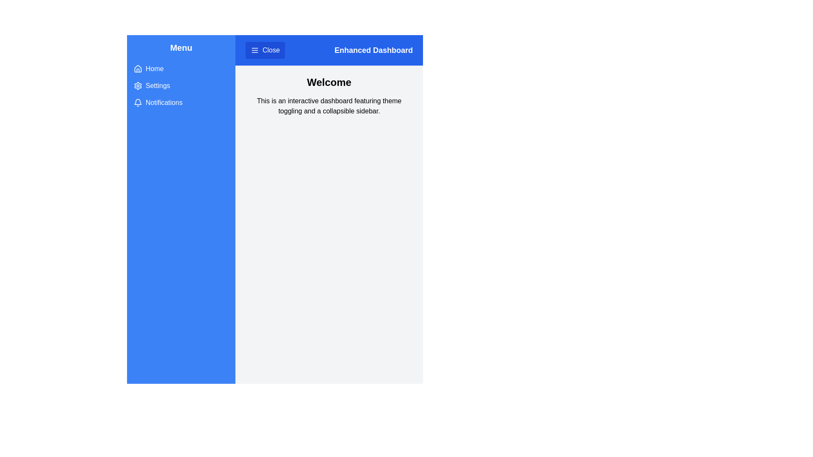 The width and height of the screenshot is (813, 457). Describe the element at coordinates (254, 50) in the screenshot. I see `the hamburger menu icon located to the left of the 'Close' text label` at that location.